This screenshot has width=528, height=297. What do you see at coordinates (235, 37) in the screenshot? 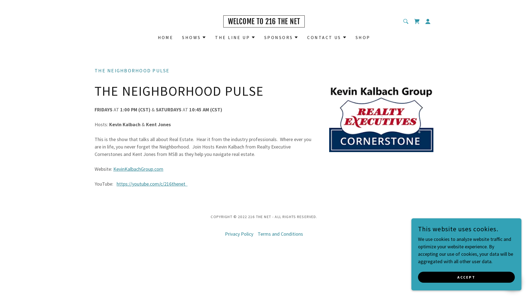
I see `'THE LINE UP'` at bounding box center [235, 37].